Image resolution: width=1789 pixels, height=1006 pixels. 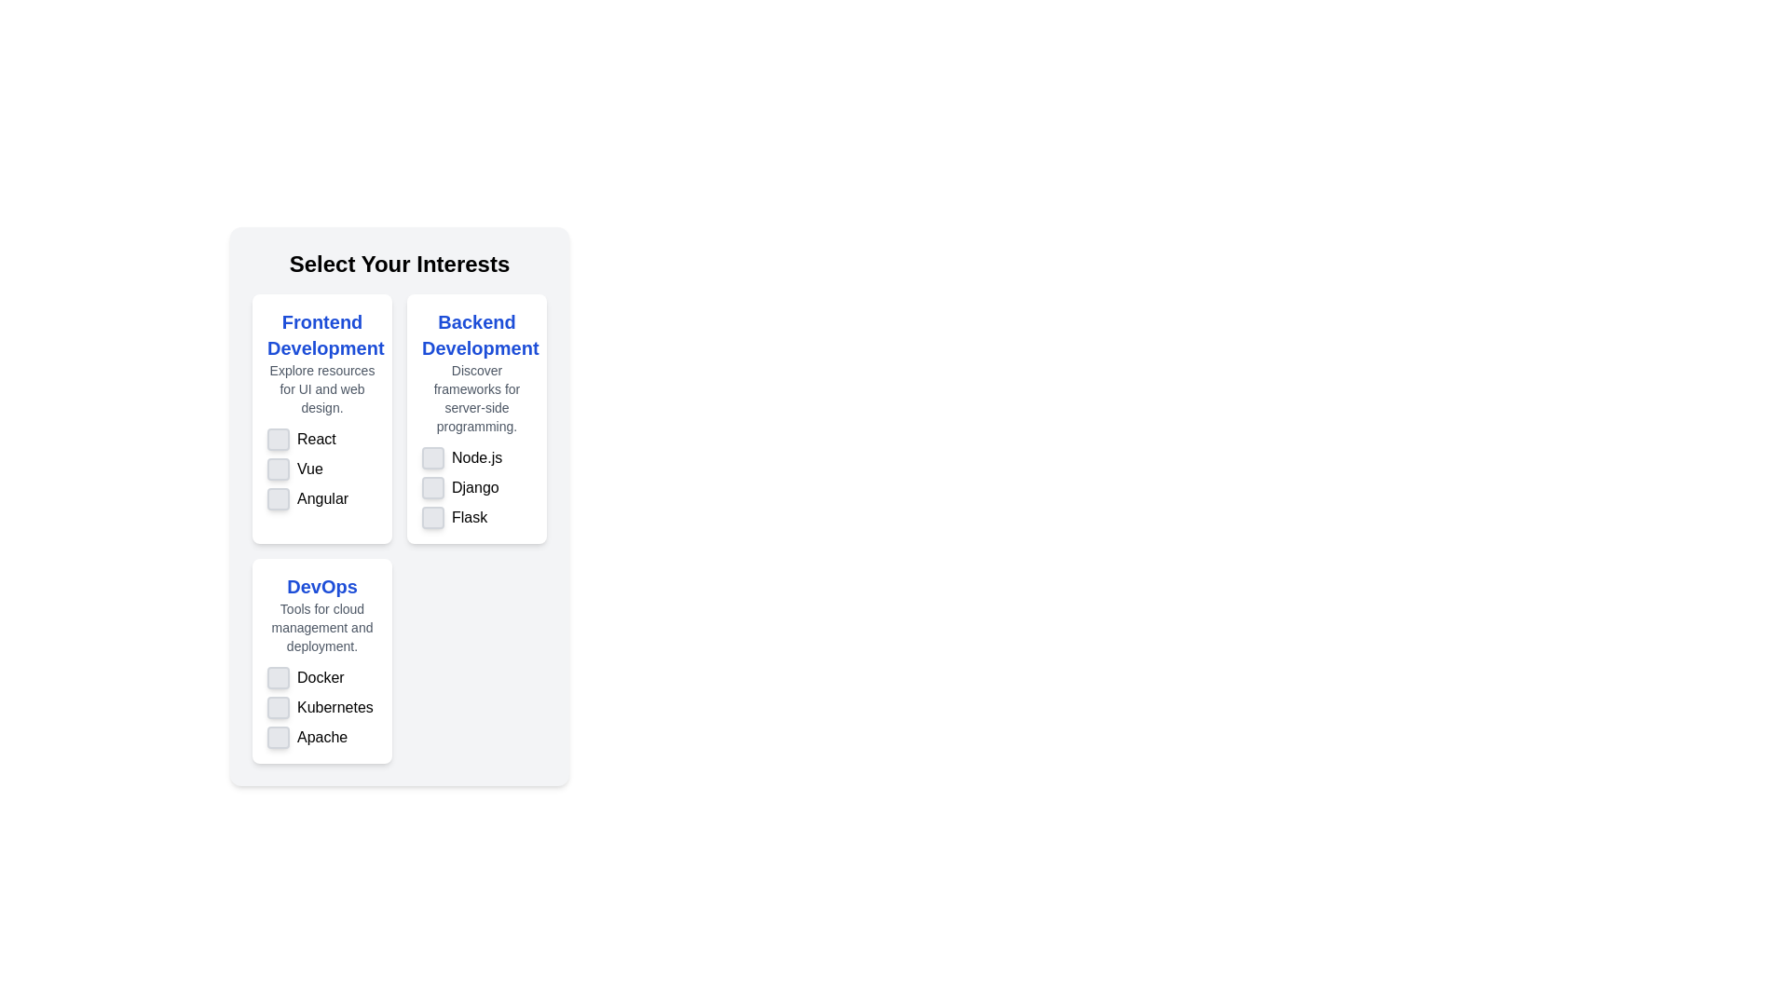 I want to click on the checkboxes within the 'DevOps' card, so click(x=321, y=659).